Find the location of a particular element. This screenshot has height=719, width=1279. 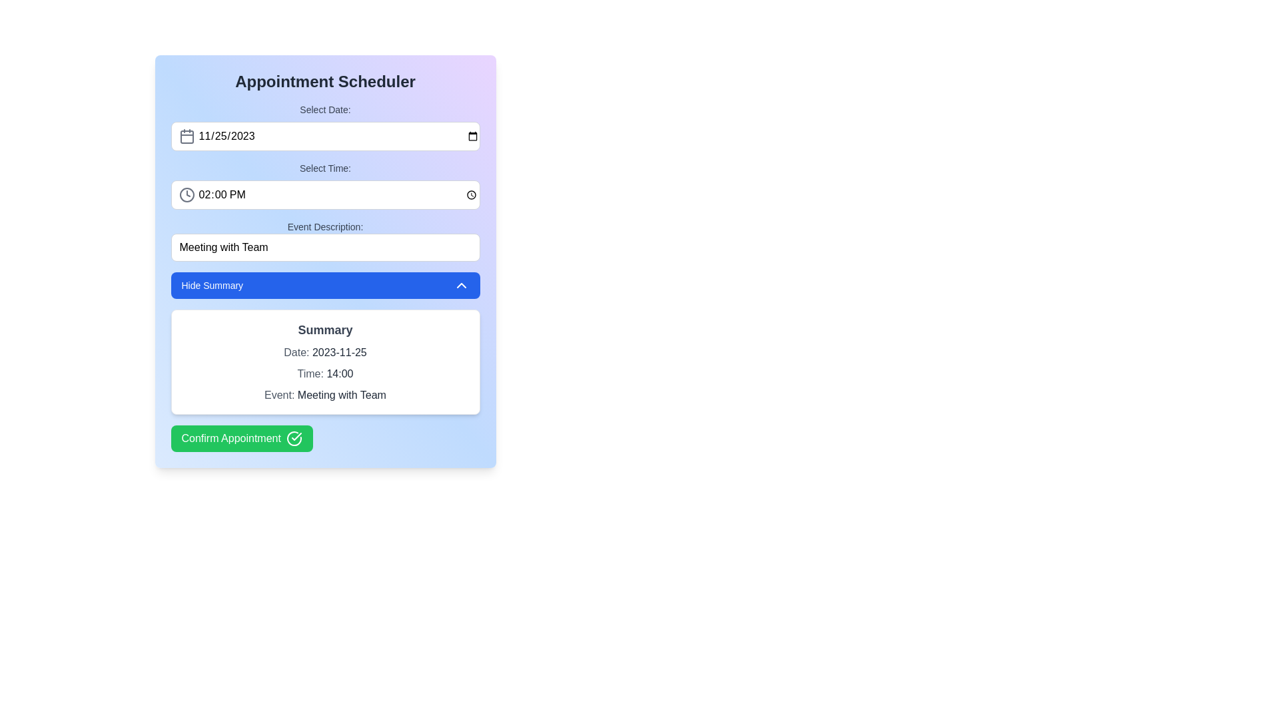

text label displaying 'Event: Meeting with Team' located in the 'Summary' section under 'Time: 14:00' is located at coordinates (325, 395).